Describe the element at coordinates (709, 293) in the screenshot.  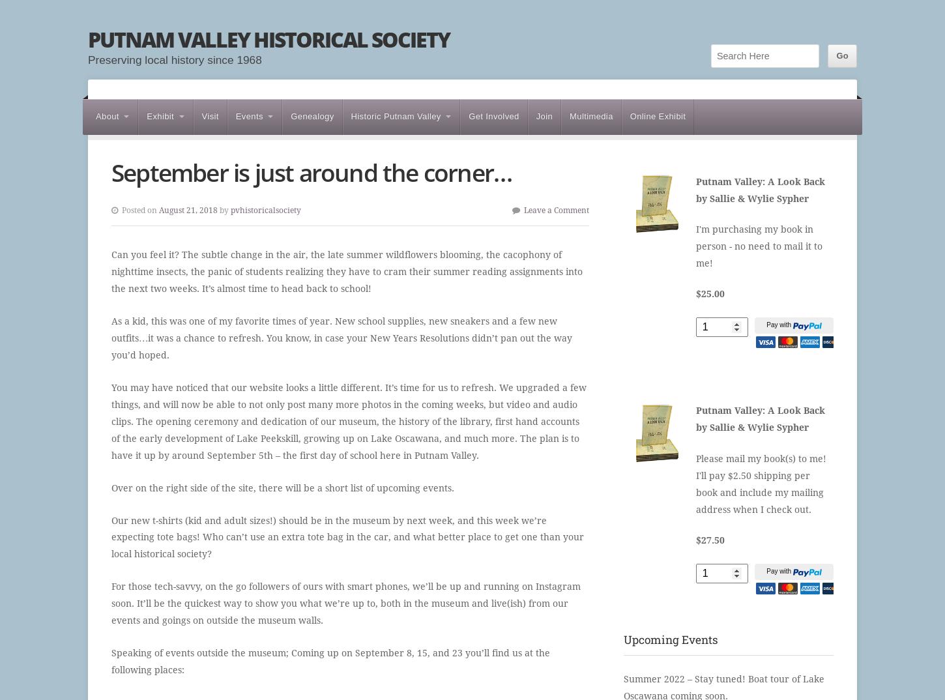
I see `'$25.00'` at that location.